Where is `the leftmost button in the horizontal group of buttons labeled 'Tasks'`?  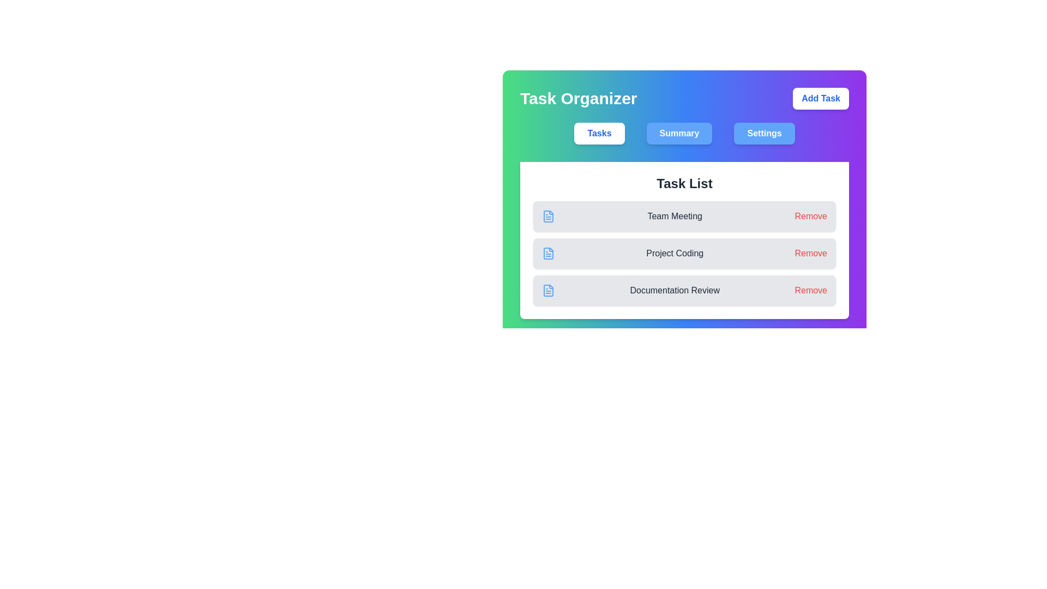
the leftmost button in the horizontal group of buttons labeled 'Tasks' is located at coordinates (599, 133).